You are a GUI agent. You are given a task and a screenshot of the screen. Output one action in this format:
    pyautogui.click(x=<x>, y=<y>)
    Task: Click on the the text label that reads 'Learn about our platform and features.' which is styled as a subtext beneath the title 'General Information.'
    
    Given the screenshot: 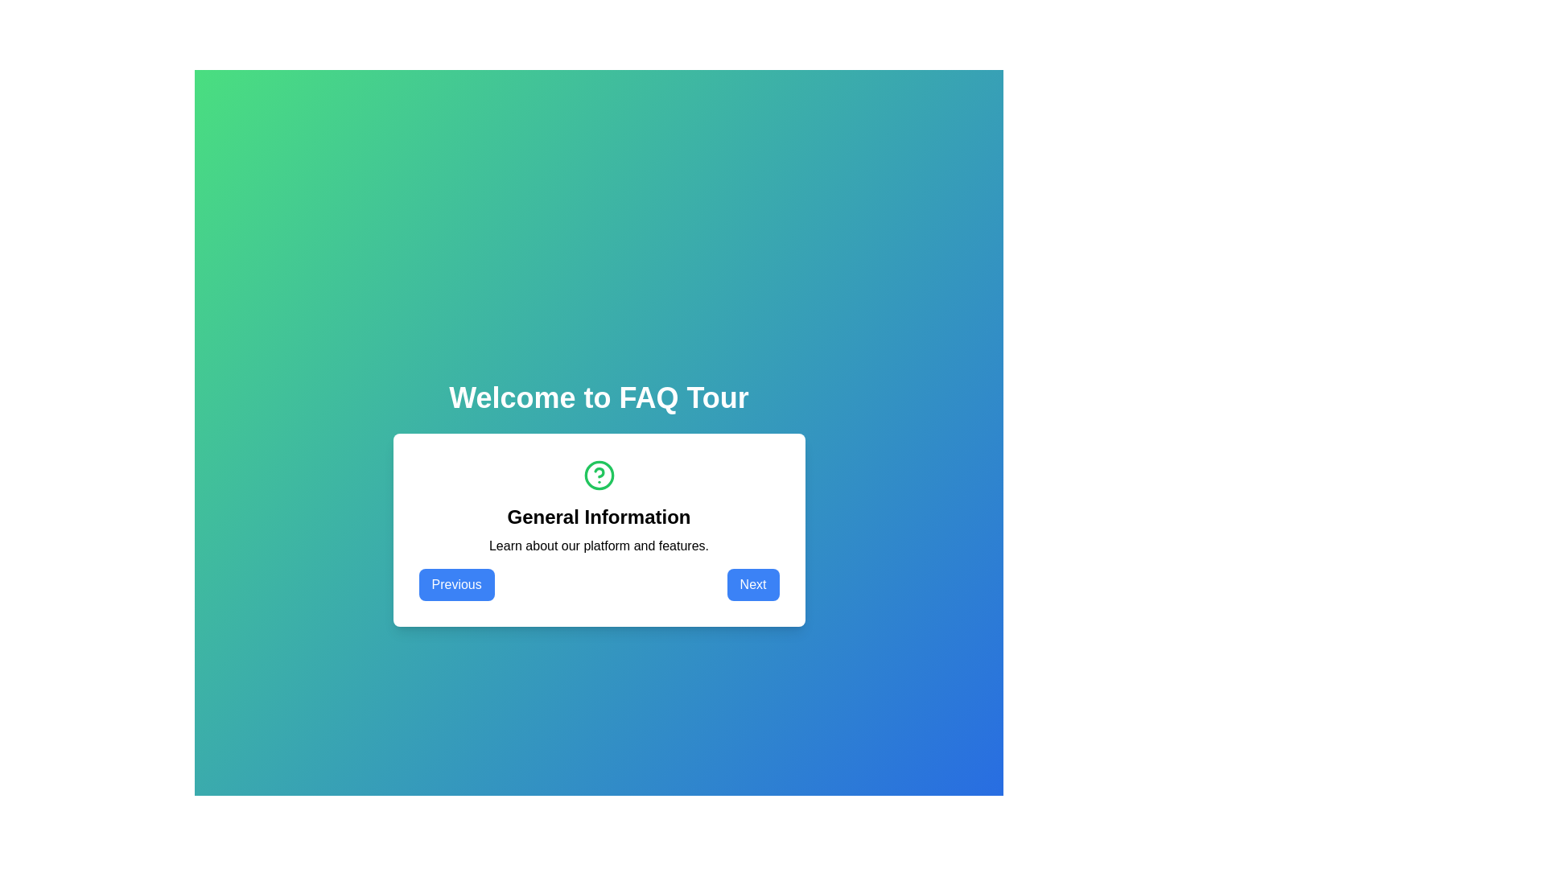 What is the action you would take?
    pyautogui.click(x=598, y=545)
    